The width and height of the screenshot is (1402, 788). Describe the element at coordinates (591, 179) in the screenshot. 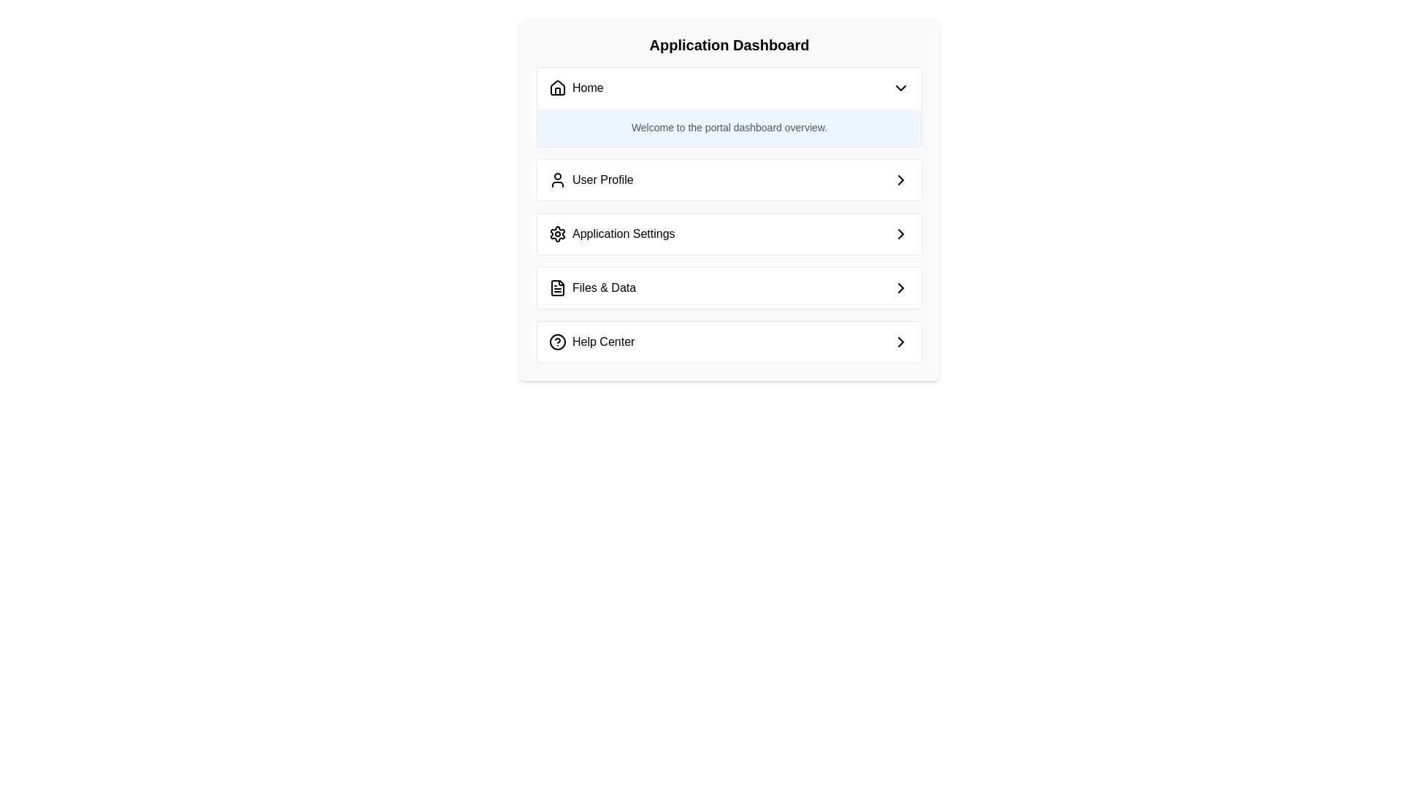

I see `the second item in the sidebar menu, located under 'Home' and above 'Application Settings'` at that location.